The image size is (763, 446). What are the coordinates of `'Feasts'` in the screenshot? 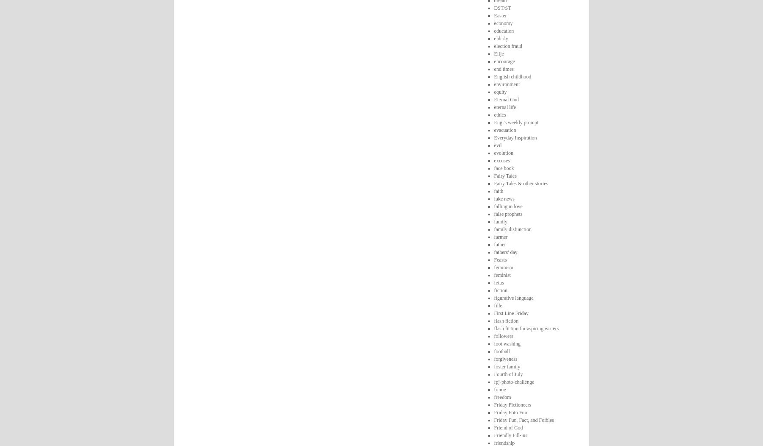 It's located at (500, 259).